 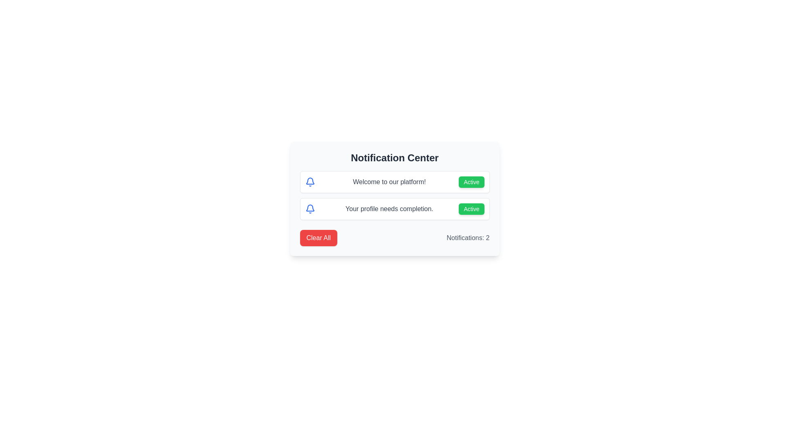 I want to click on the notification icon located in the second row of the notification center panel, to the left of the text 'Your profile needs completion.', so click(x=310, y=180).